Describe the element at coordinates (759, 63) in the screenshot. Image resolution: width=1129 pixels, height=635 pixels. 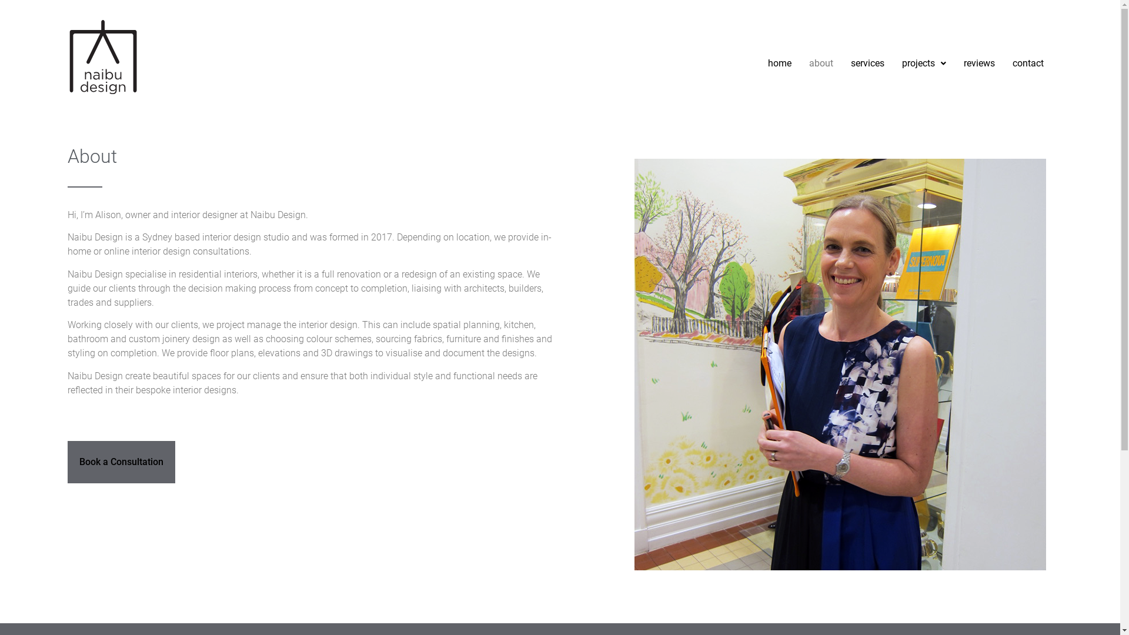
I see `'home'` at that location.